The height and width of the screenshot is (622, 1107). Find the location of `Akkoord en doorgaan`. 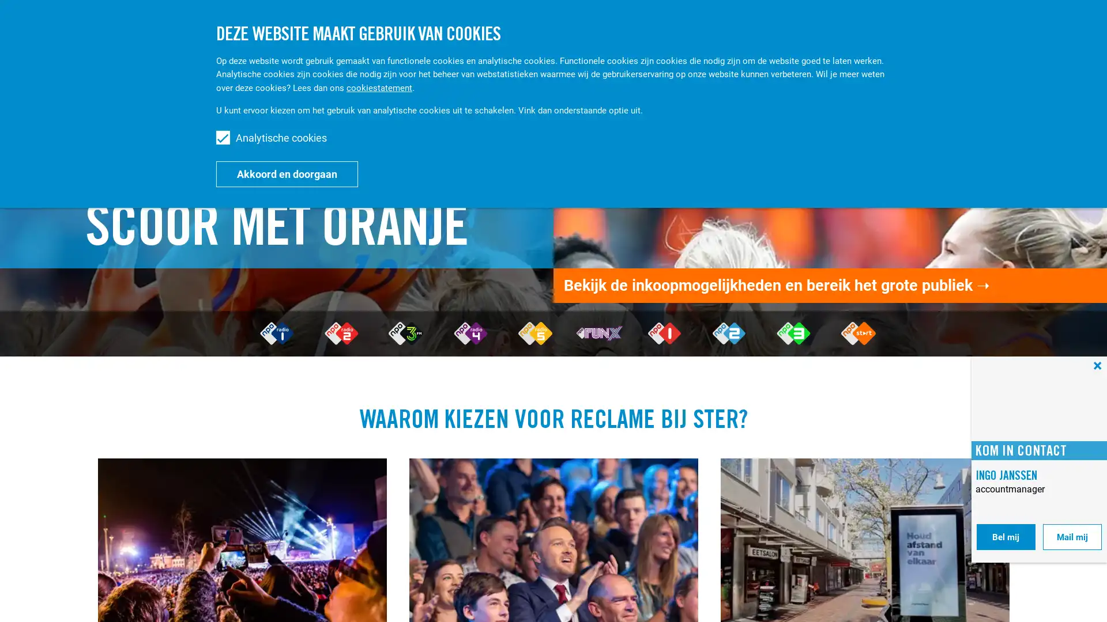

Akkoord en doorgaan is located at coordinates (287, 173).